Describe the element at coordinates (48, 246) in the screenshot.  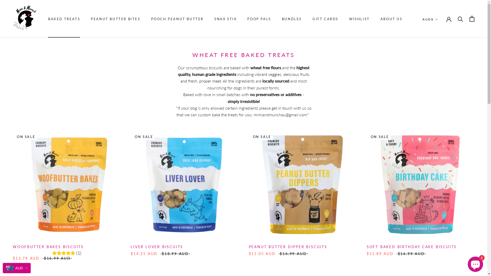
I see `'WOOFBUTTER BAKES BISCUITS'` at that location.